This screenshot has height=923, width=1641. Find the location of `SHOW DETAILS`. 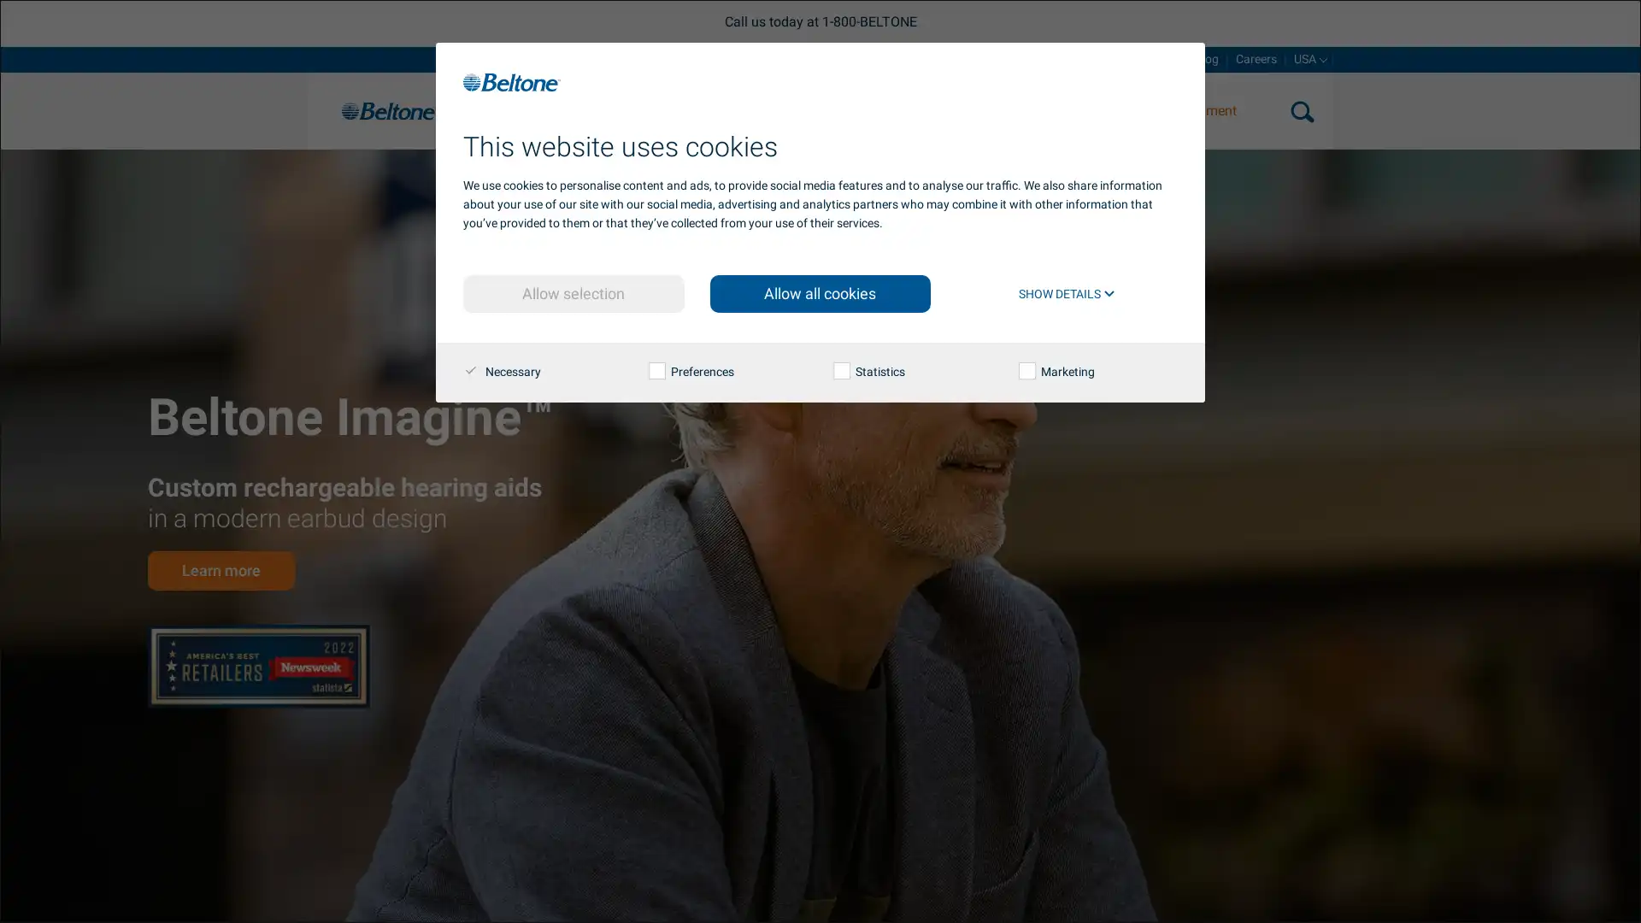

SHOW DETAILS is located at coordinates (1066, 292).